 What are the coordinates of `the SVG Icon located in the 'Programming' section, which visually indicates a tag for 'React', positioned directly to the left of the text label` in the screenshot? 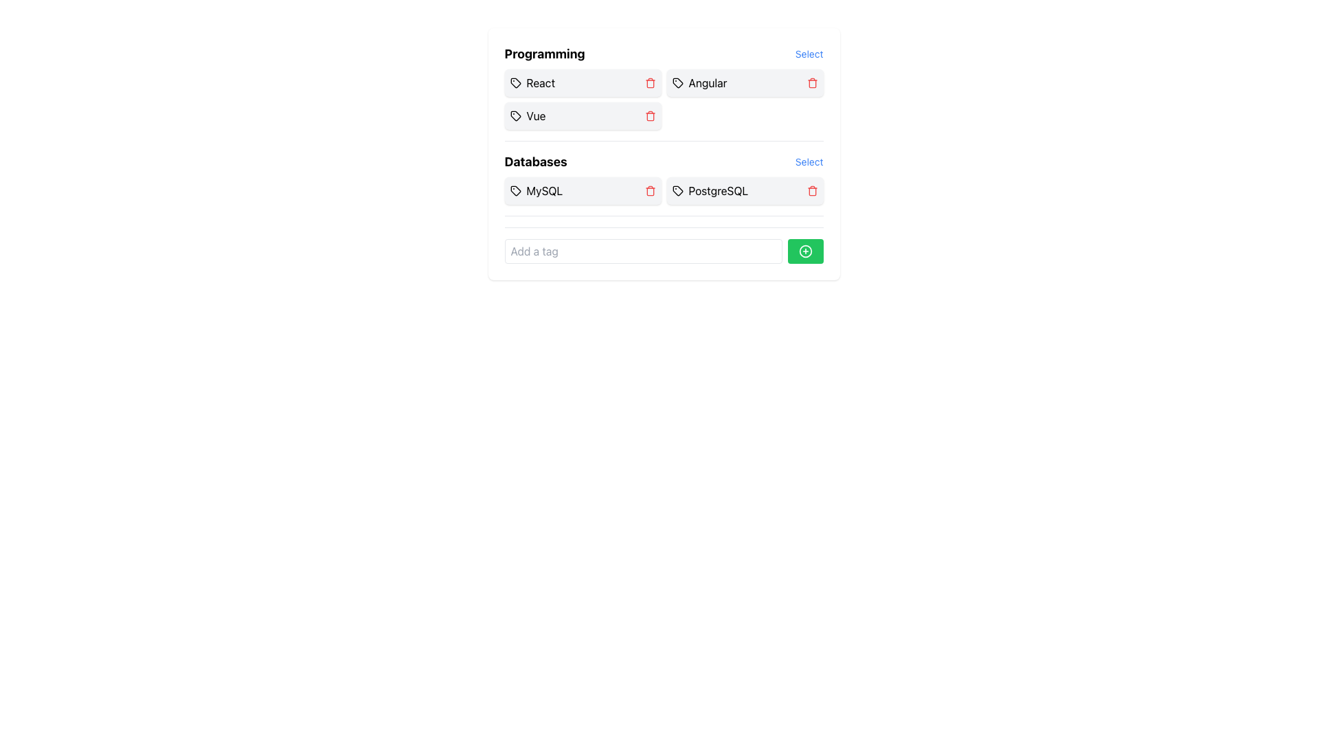 It's located at (515, 82).